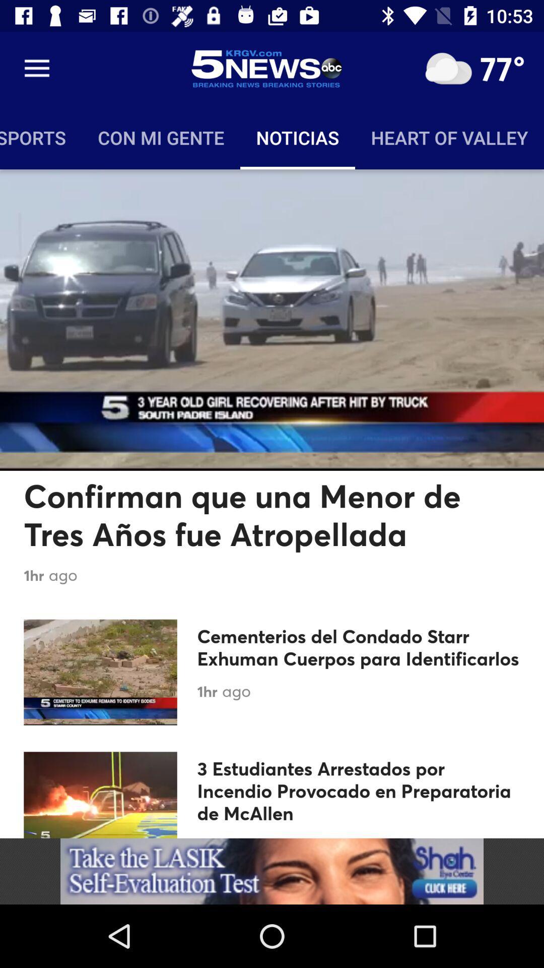 Image resolution: width=544 pixels, height=968 pixels. I want to click on advertisement click, so click(272, 871).